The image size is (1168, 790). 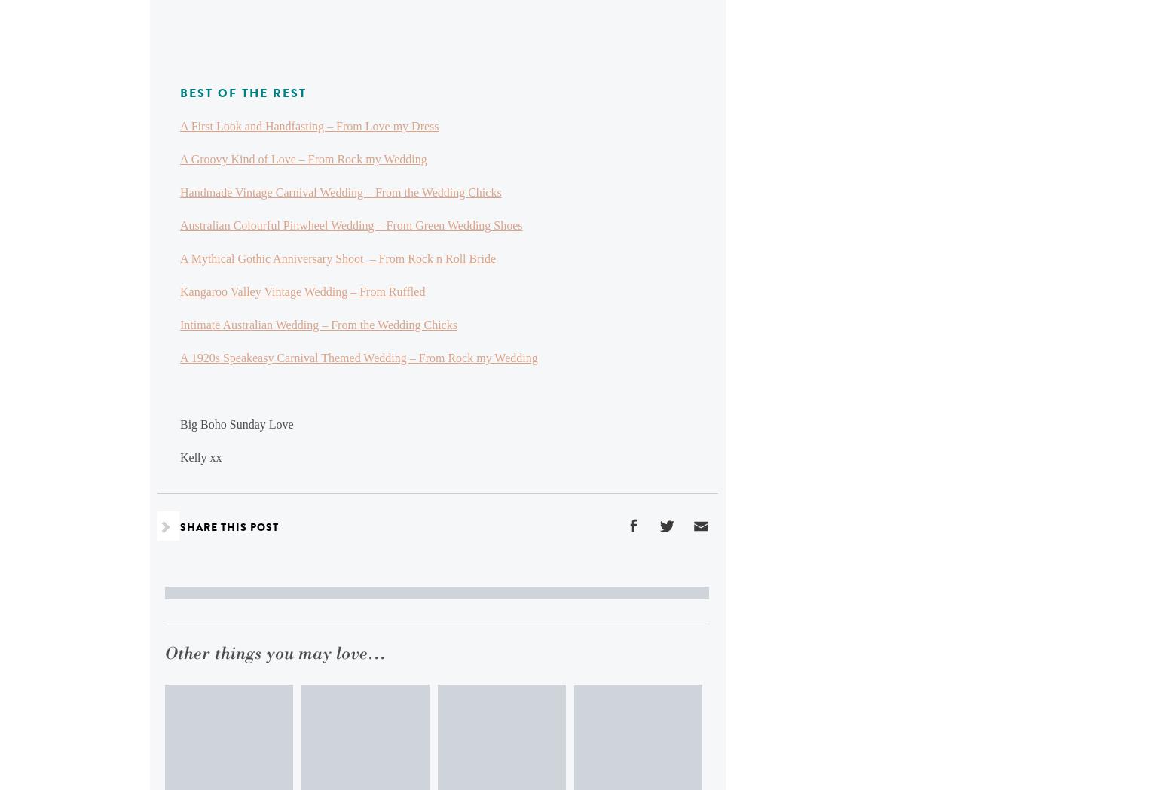 What do you see at coordinates (180, 457) in the screenshot?
I see `'Kelly xx'` at bounding box center [180, 457].